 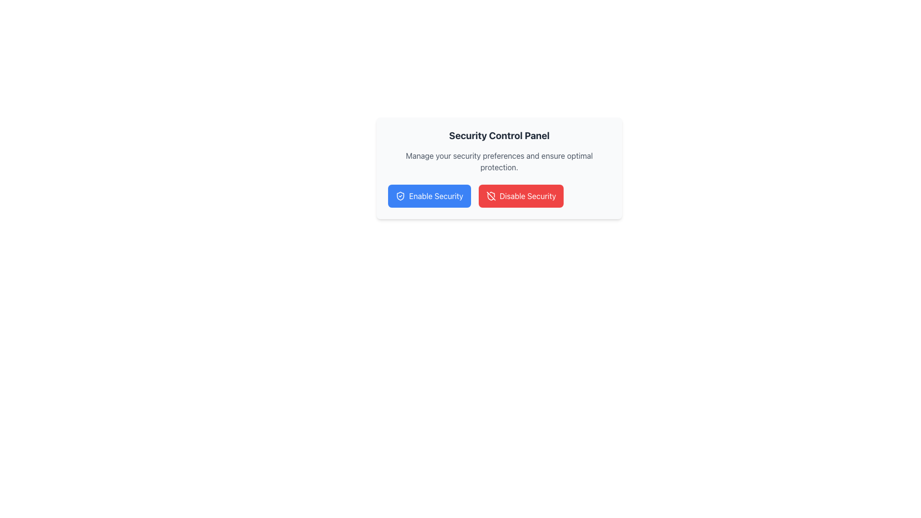 I want to click on the security enablement icon located to the left of the 'Enable Security' button, so click(x=401, y=195).